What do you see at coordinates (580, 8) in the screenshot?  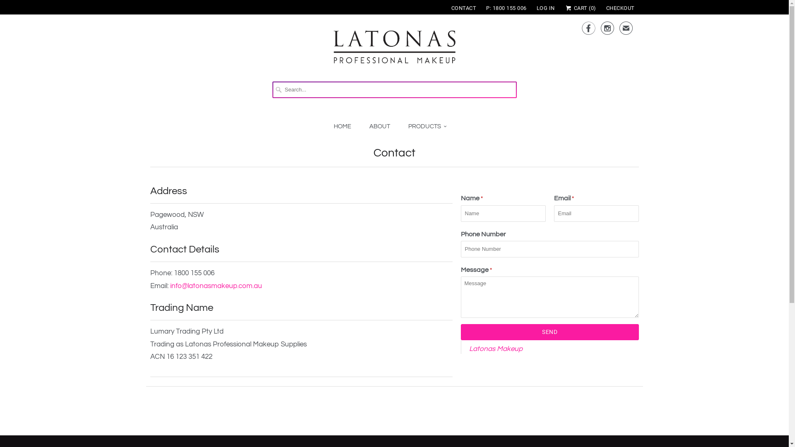 I see `'CART (0)'` at bounding box center [580, 8].